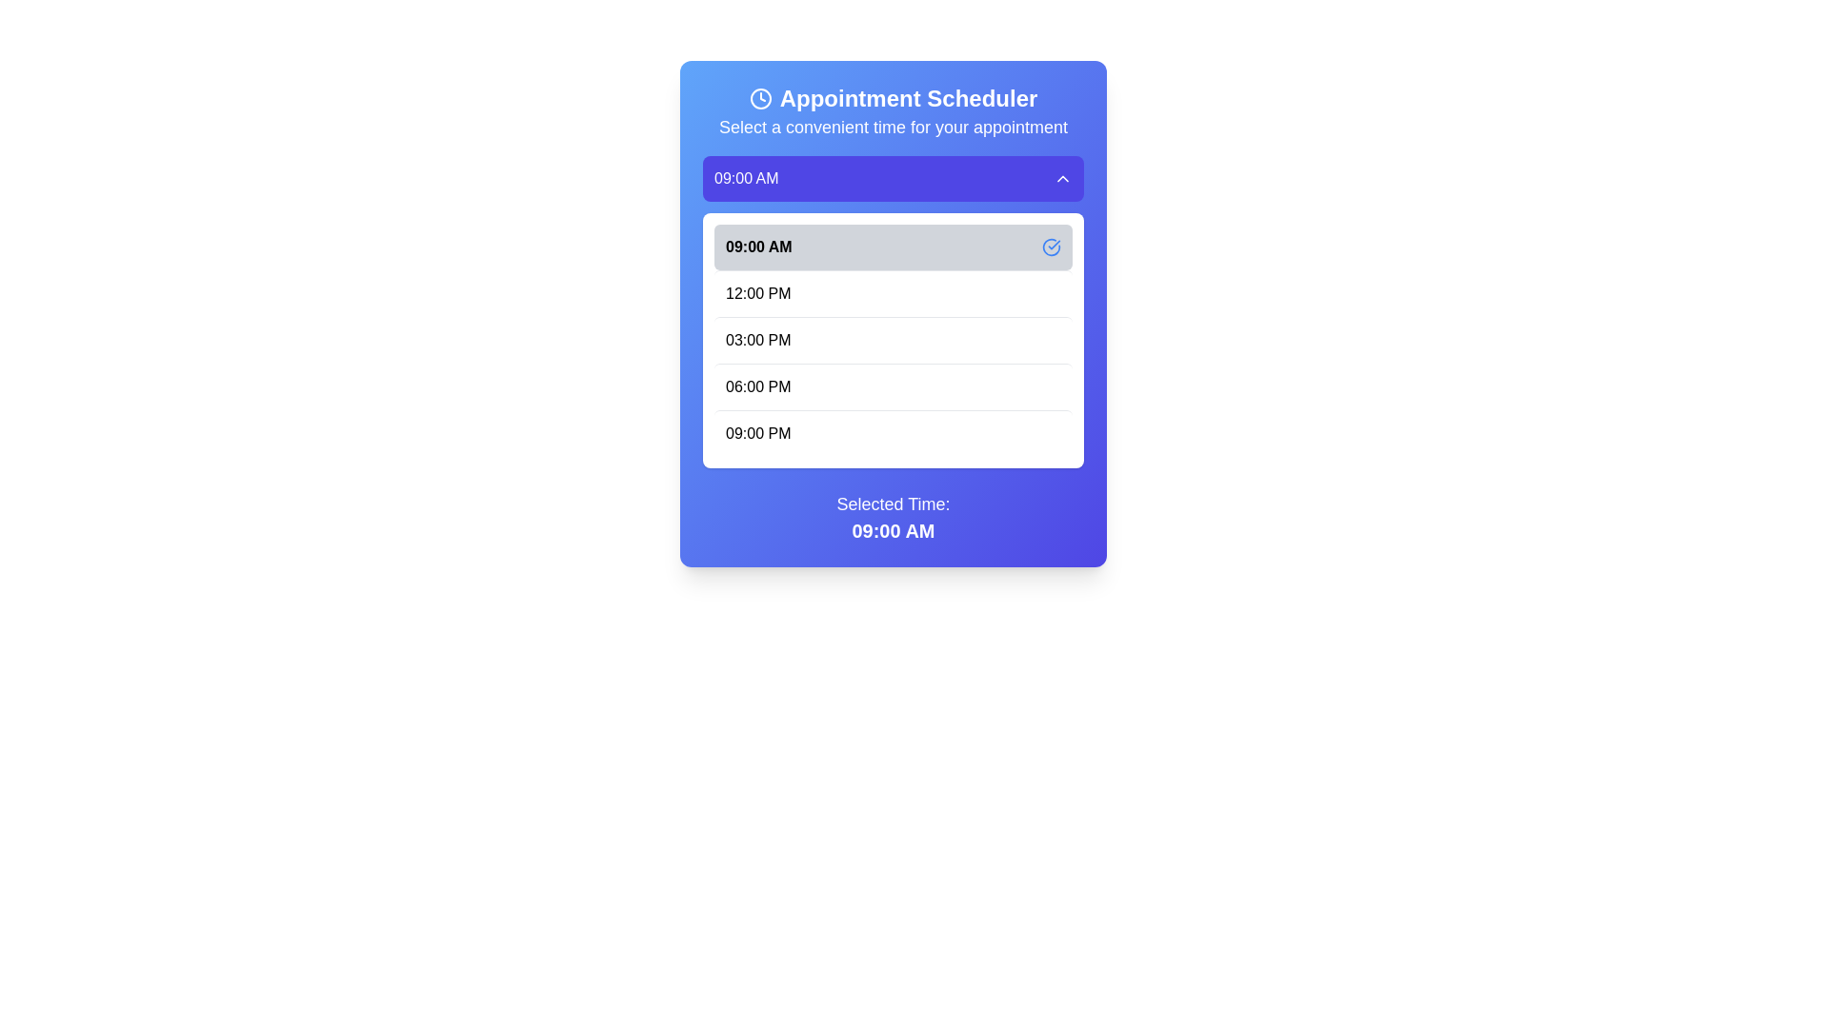 This screenshot has height=1028, width=1829. Describe the element at coordinates (892, 433) in the screenshot. I see `the selectable time slot '09:00 PM' in the dropdown list` at that location.